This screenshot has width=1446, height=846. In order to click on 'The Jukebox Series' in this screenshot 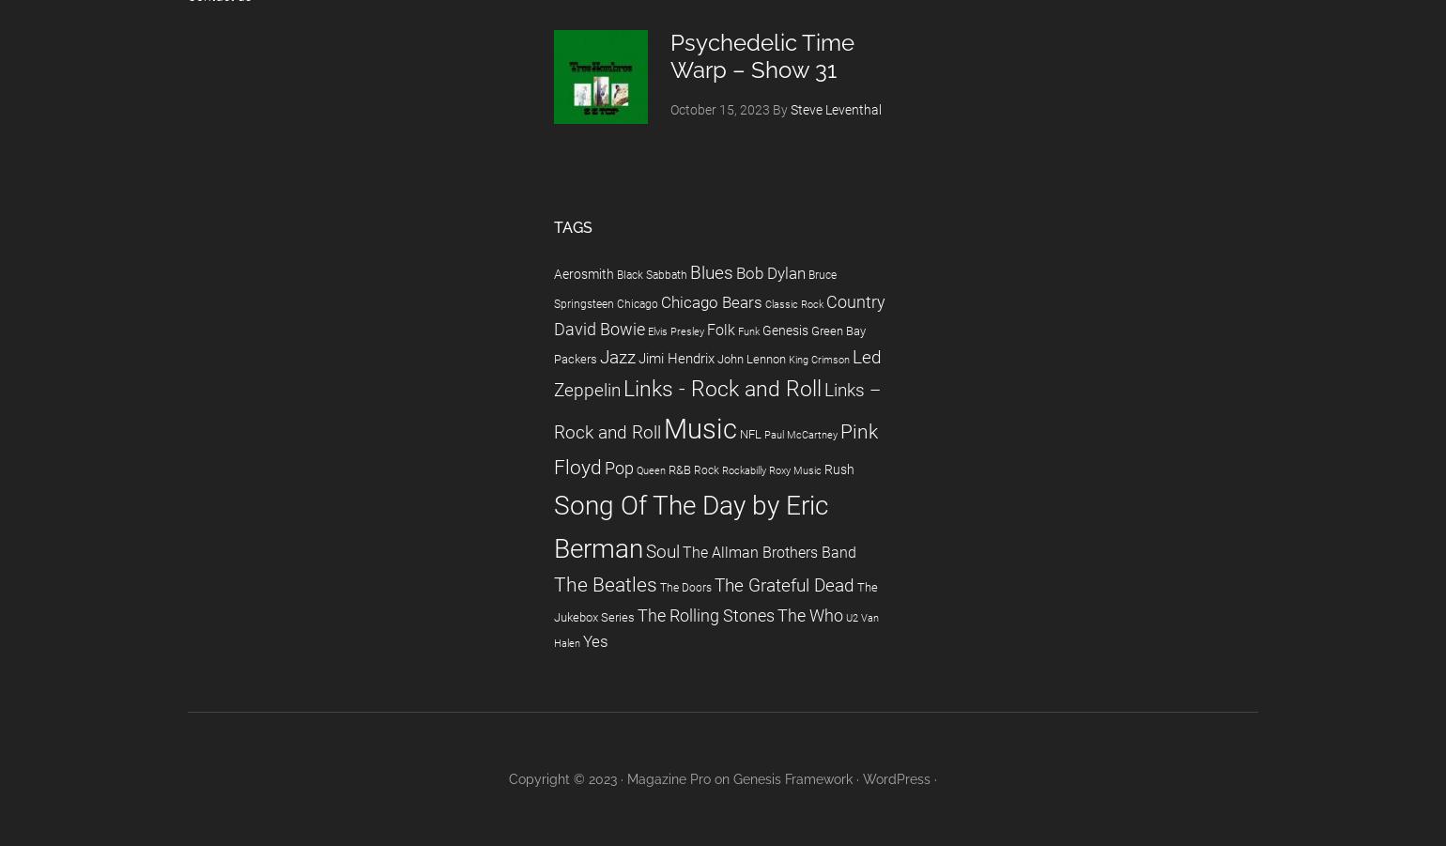, I will do `click(715, 601)`.